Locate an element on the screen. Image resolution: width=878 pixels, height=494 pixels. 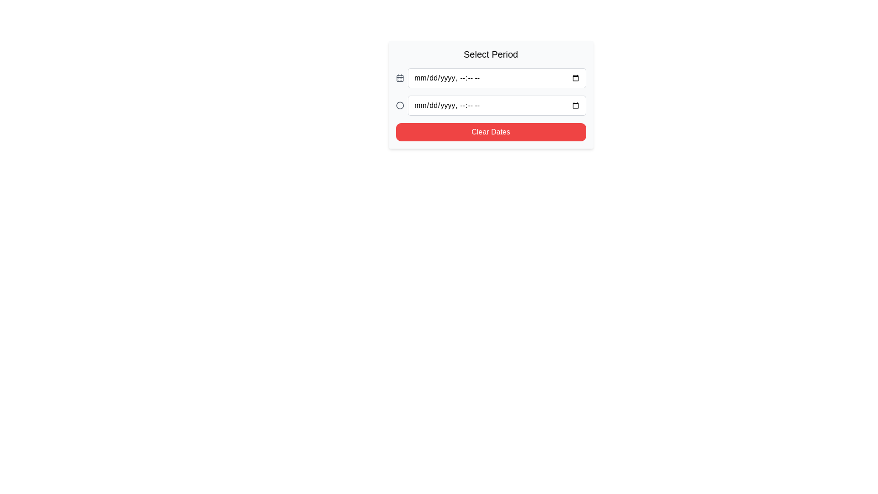
the graphical icon (circle) located to the left of the second input field in the date selection form, above the 'Clear Dates' button is located at coordinates (400, 105).